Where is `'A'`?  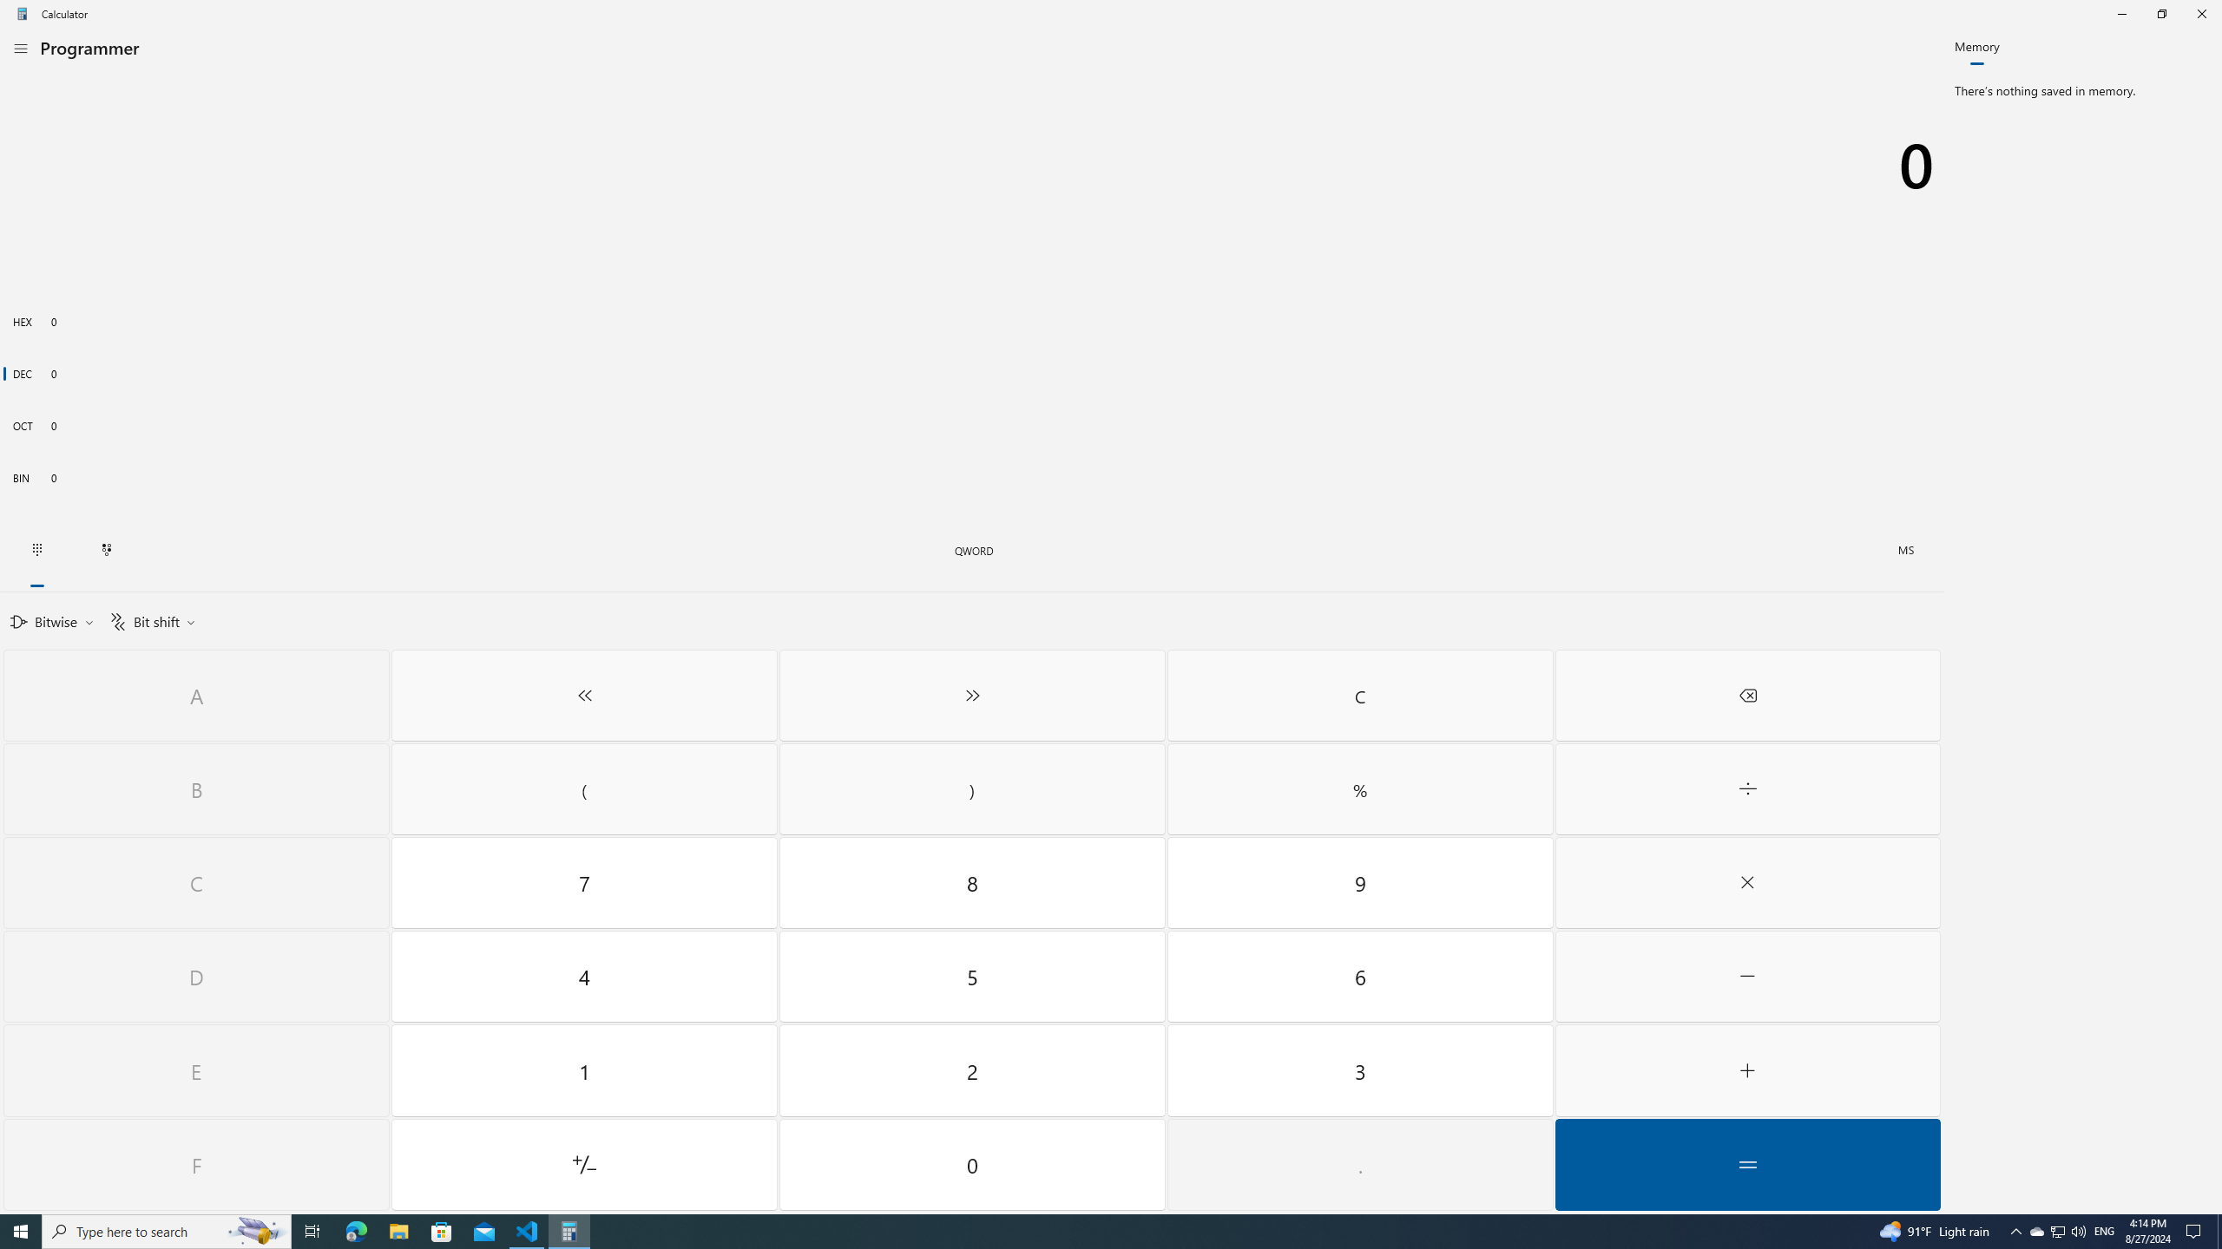 'A' is located at coordinates (195, 695).